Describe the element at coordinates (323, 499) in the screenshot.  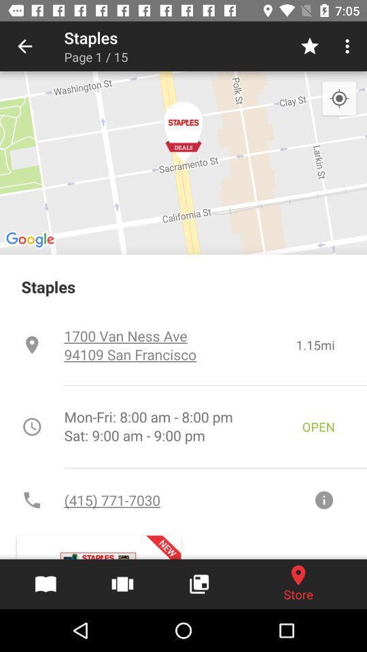
I see `more information` at that location.